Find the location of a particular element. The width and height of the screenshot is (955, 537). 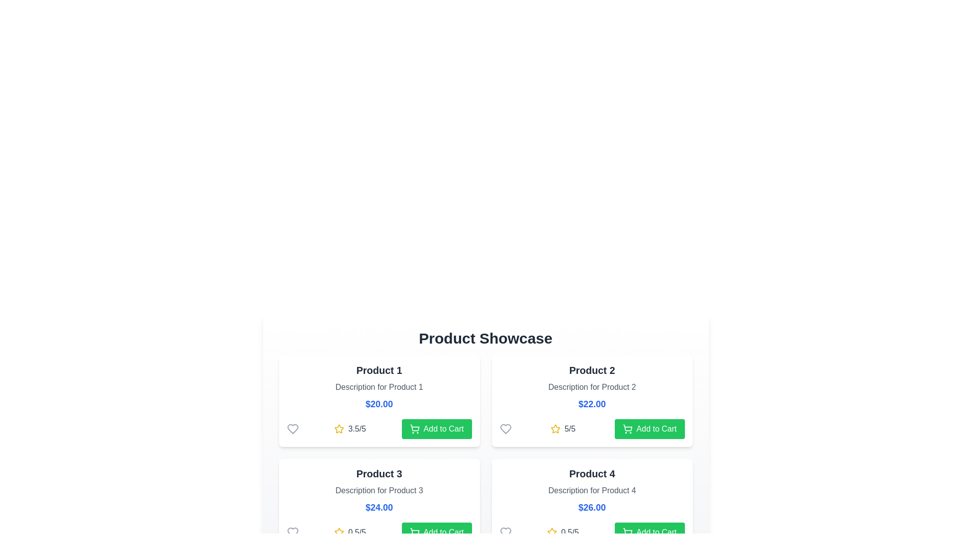

the Product card located in the second column of the top row is located at coordinates (592, 400).